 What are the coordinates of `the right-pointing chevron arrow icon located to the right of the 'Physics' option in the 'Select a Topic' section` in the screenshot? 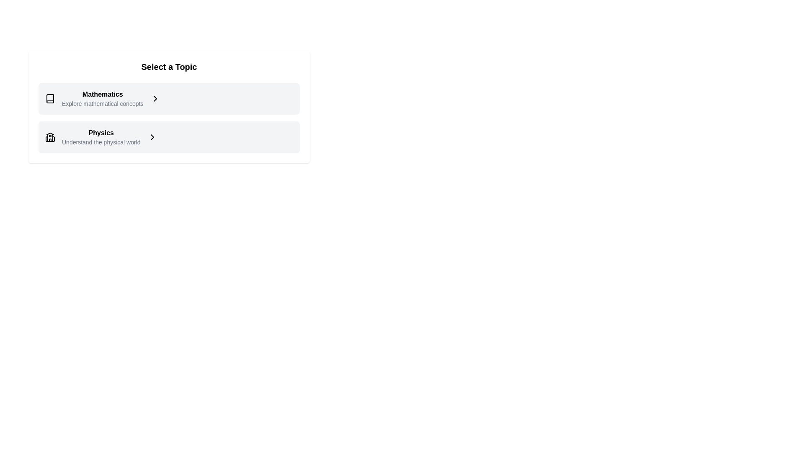 It's located at (152, 136).